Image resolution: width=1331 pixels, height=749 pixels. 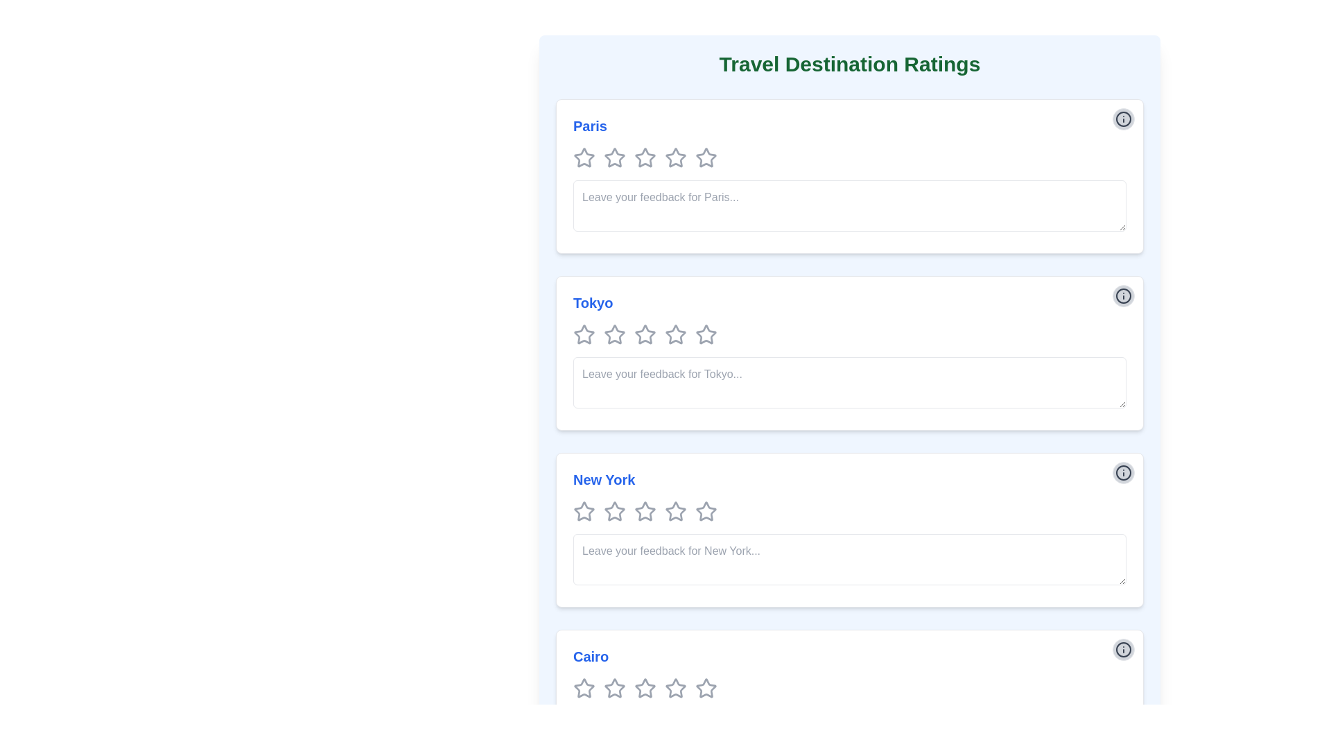 I want to click on the fourth outlined gray star icon in the rating section for 'Cairo', so click(x=645, y=688).